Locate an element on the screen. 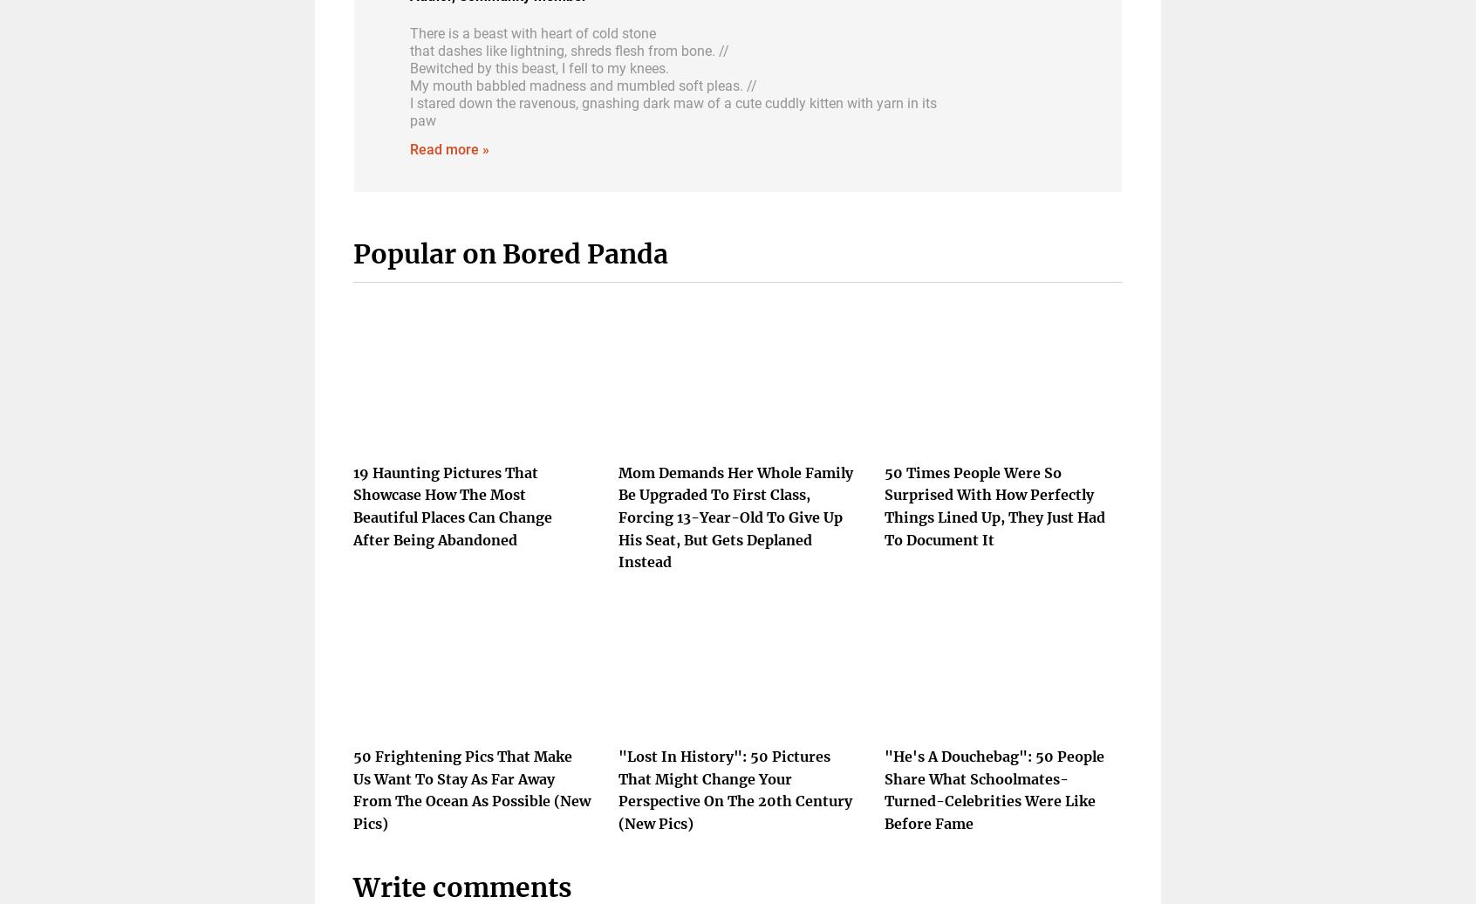  '"He's A Douchebag": 50 People Share What Schoolmates-Turned-Celebrities Were Like Before Fame' is located at coordinates (993, 788).